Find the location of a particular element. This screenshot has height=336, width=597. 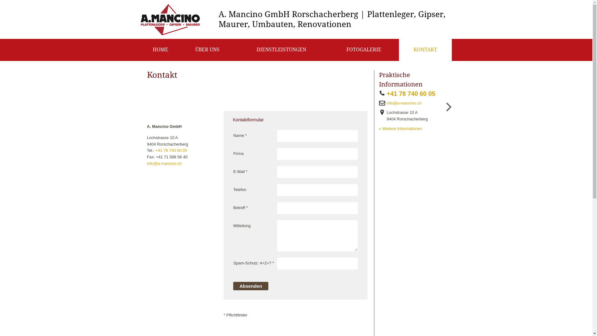

'info@a-mancino.ch' is located at coordinates (385, 103).